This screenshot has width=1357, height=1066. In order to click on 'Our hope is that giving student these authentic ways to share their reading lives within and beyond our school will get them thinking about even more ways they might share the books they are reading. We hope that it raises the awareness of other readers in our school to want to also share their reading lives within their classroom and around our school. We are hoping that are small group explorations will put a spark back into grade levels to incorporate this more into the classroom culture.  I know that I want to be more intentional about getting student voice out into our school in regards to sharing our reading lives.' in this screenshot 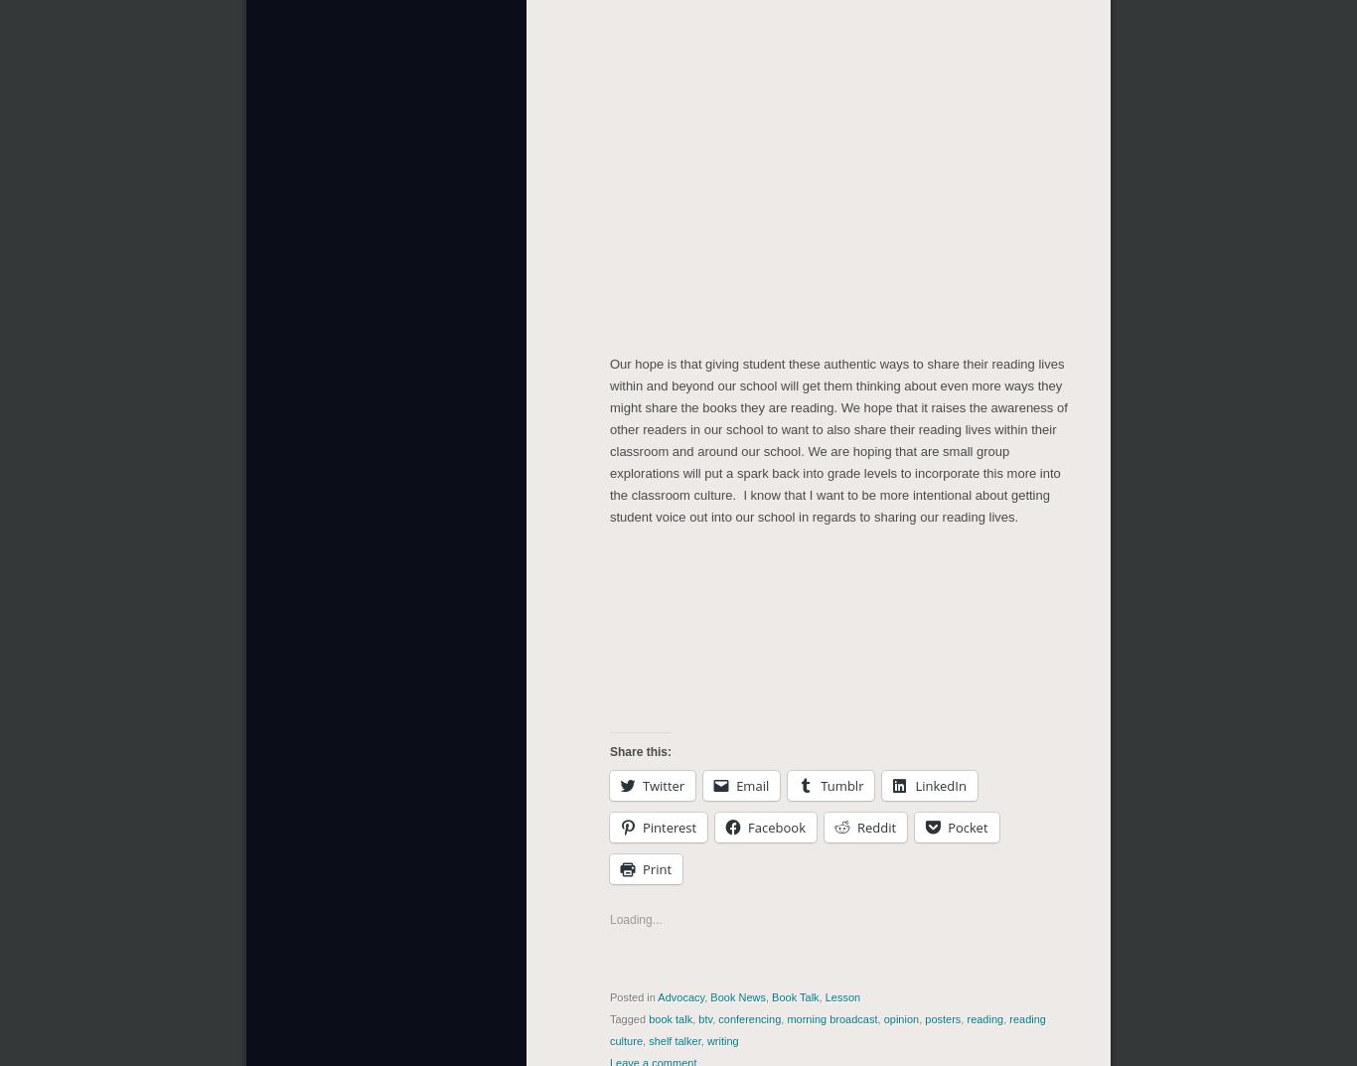, I will do `click(837, 440)`.